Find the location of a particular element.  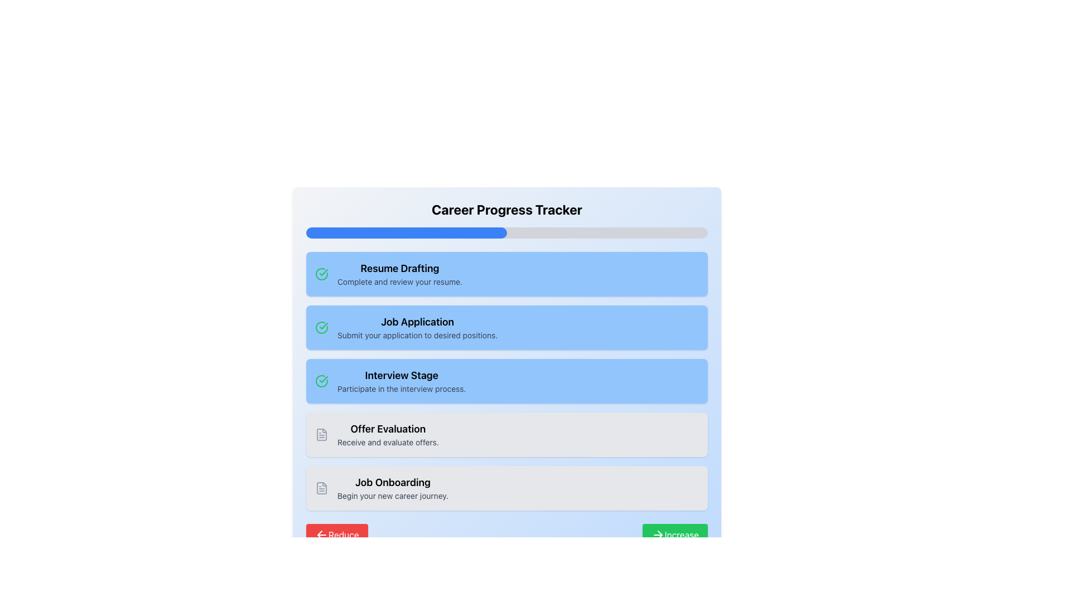

the small grayscale document icon located to the left of the 'Job Onboarding' heading is located at coordinates (321, 487).